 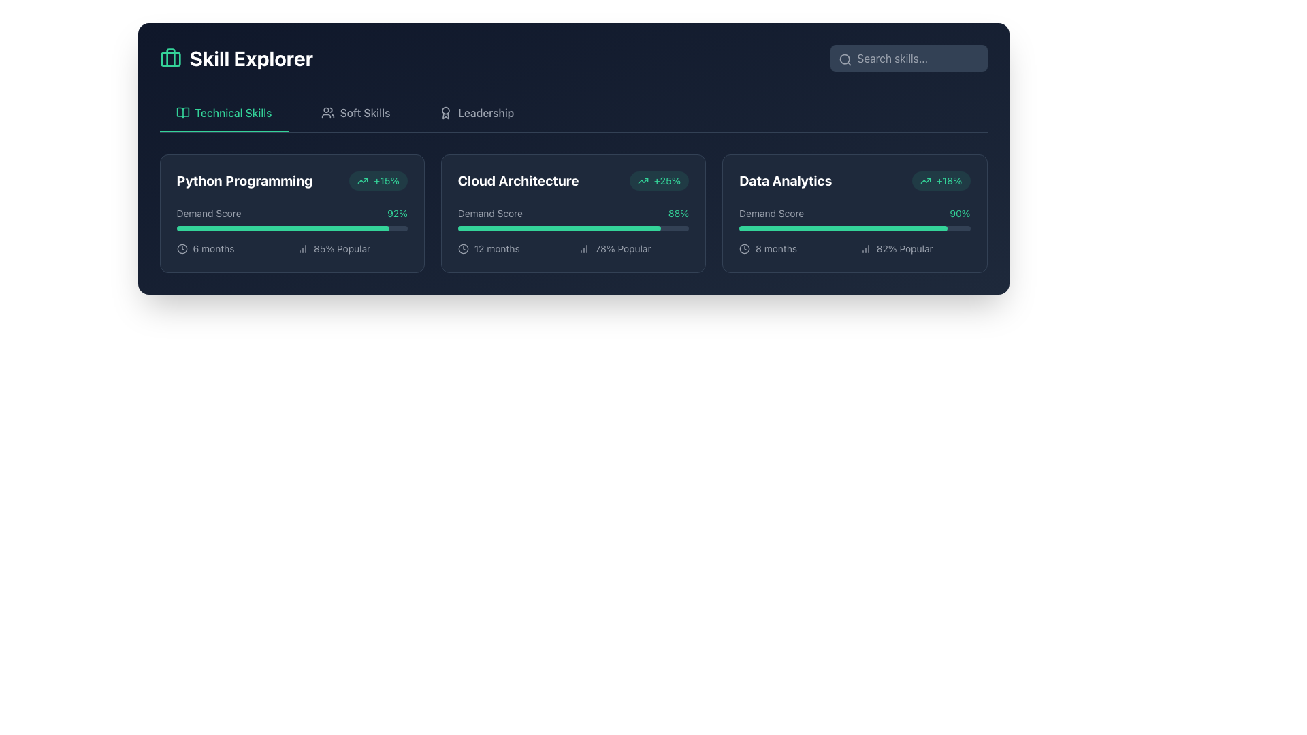 I want to click on the progress bar labeled 'Demand Score' which shows 90% completion with a green segment, located within the 'Data Analytics' card, so click(x=854, y=218).